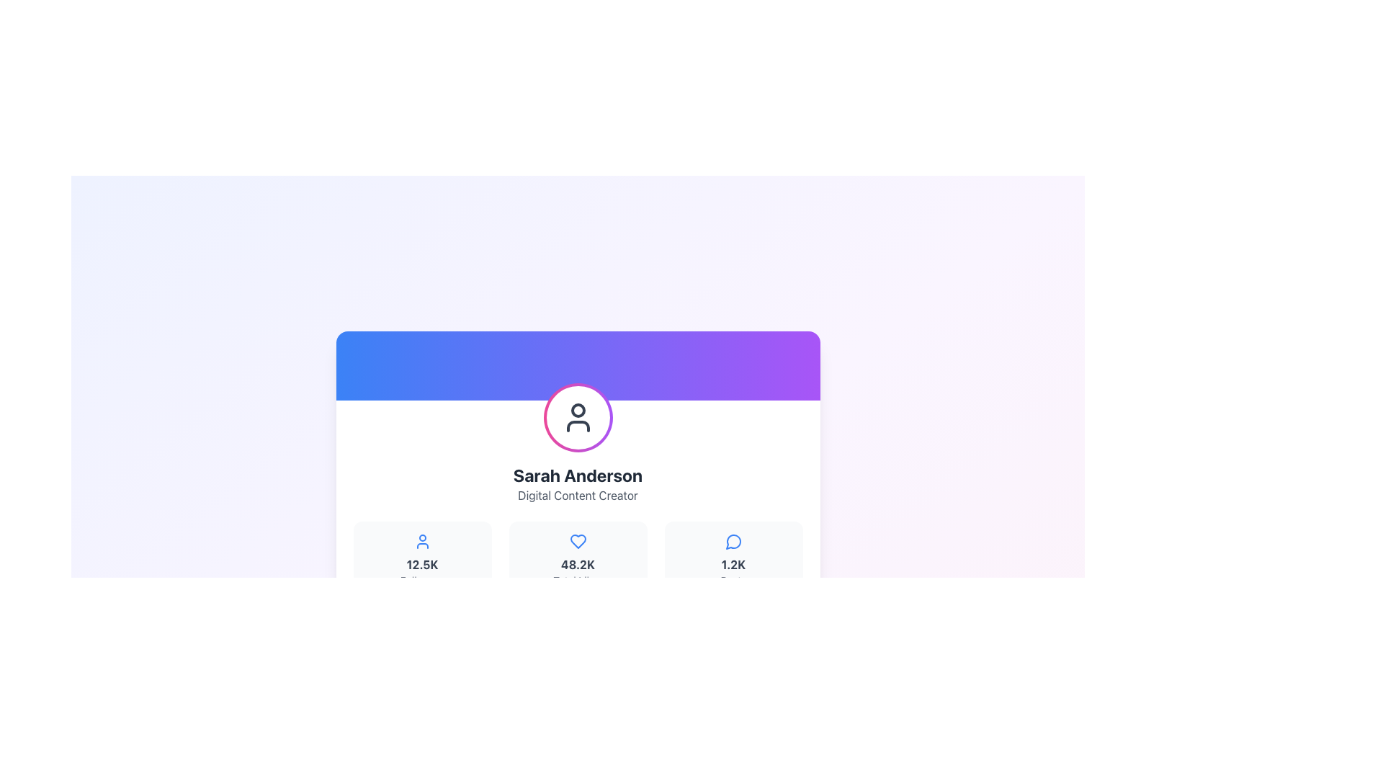 The height and width of the screenshot is (778, 1383). Describe the element at coordinates (578, 417) in the screenshot. I see `the Profile Avatar, which is a circular element with a gradient pink to purple border and a white background, located above the text 'Sarah Anderson' and 'Digital Content Creator'` at that location.